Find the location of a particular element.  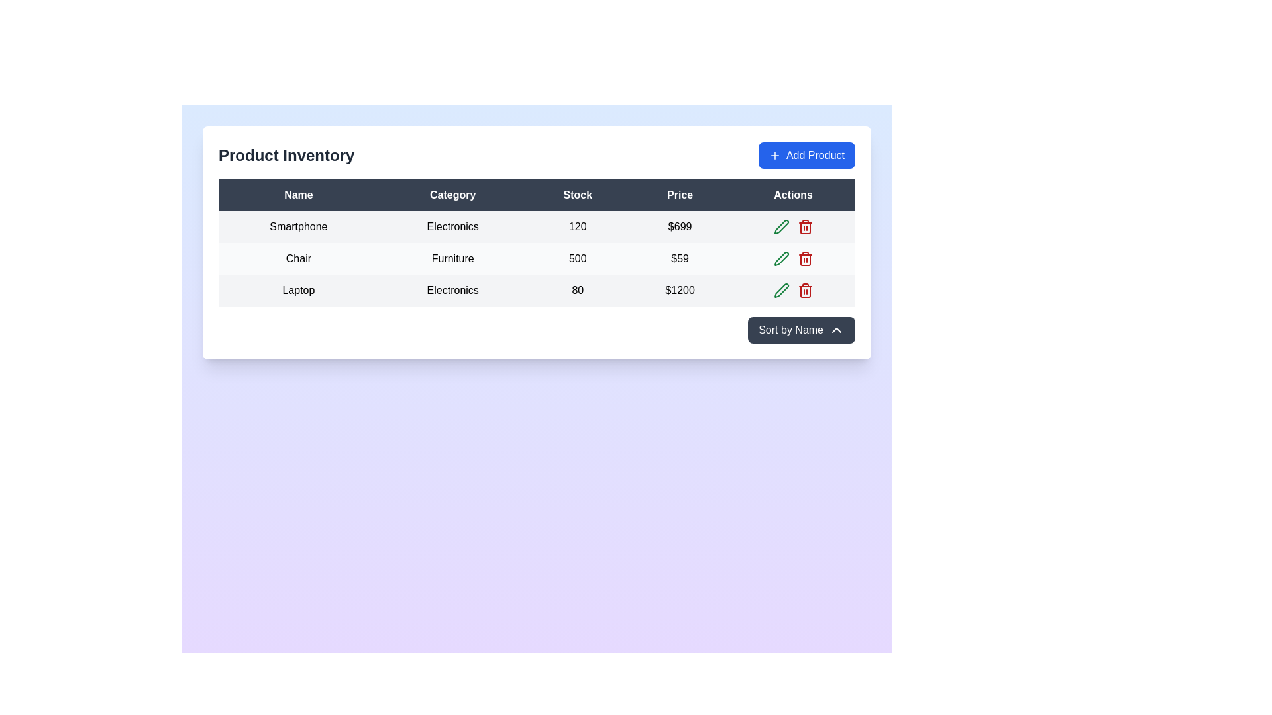

text of the first header cell in the table, which displays 'Name' in white on a dark background is located at coordinates (298, 195).